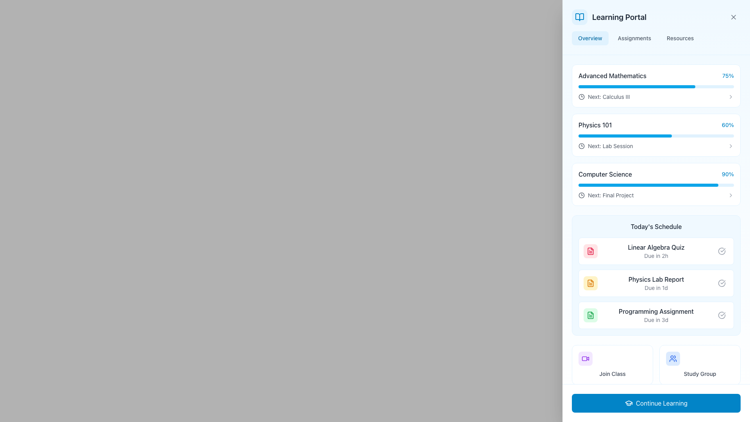 This screenshot has height=422, width=750. I want to click on the 'Continue Learning' button, which is a wide, rectangular button with rounded corners, featuring a blue background that darkens on hover and white text with a graduation cap icon on the left, so click(656, 403).